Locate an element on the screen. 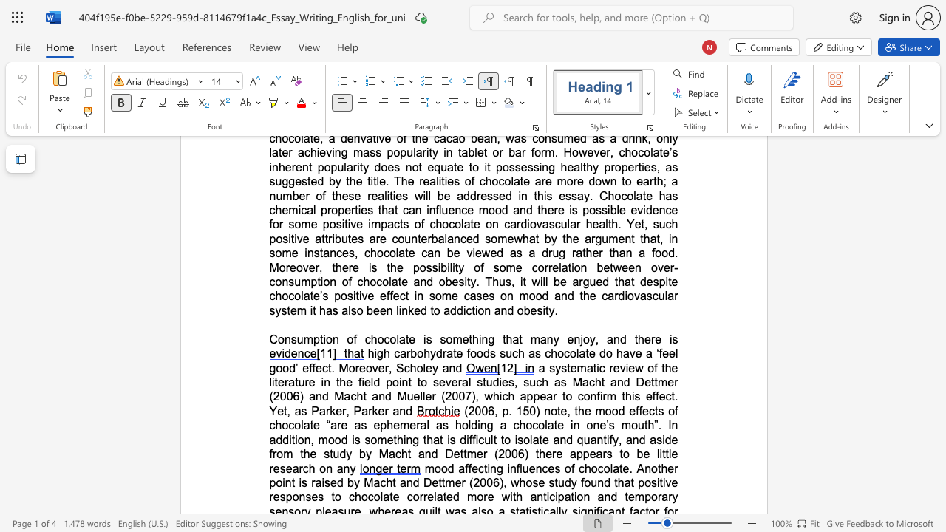 Image resolution: width=946 pixels, height=532 pixels. the subset text "ettmer (2006) th" within the text "h”. In addition, mood is something that is difficult to isolate and quantify, and aside from the study by Macht and Dettmer (2006) there appears to be little research on any" is located at coordinates (452, 453).